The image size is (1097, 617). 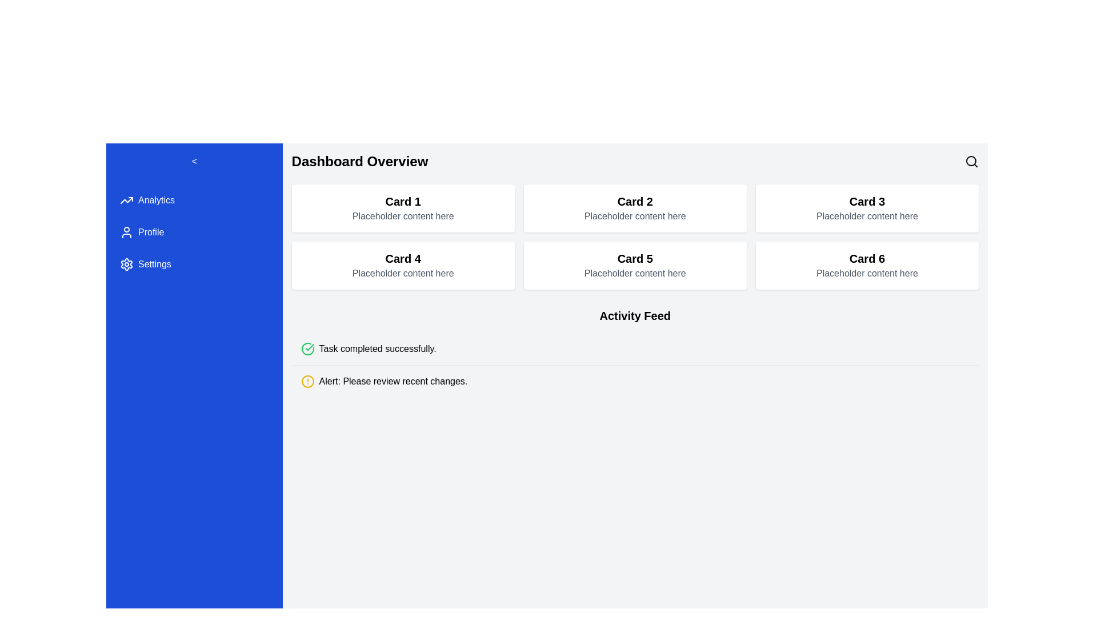 I want to click on the yellow circular outline icon within the alert message box, located next to the text 'Alert: Please review recent changes.', so click(x=307, y=381).